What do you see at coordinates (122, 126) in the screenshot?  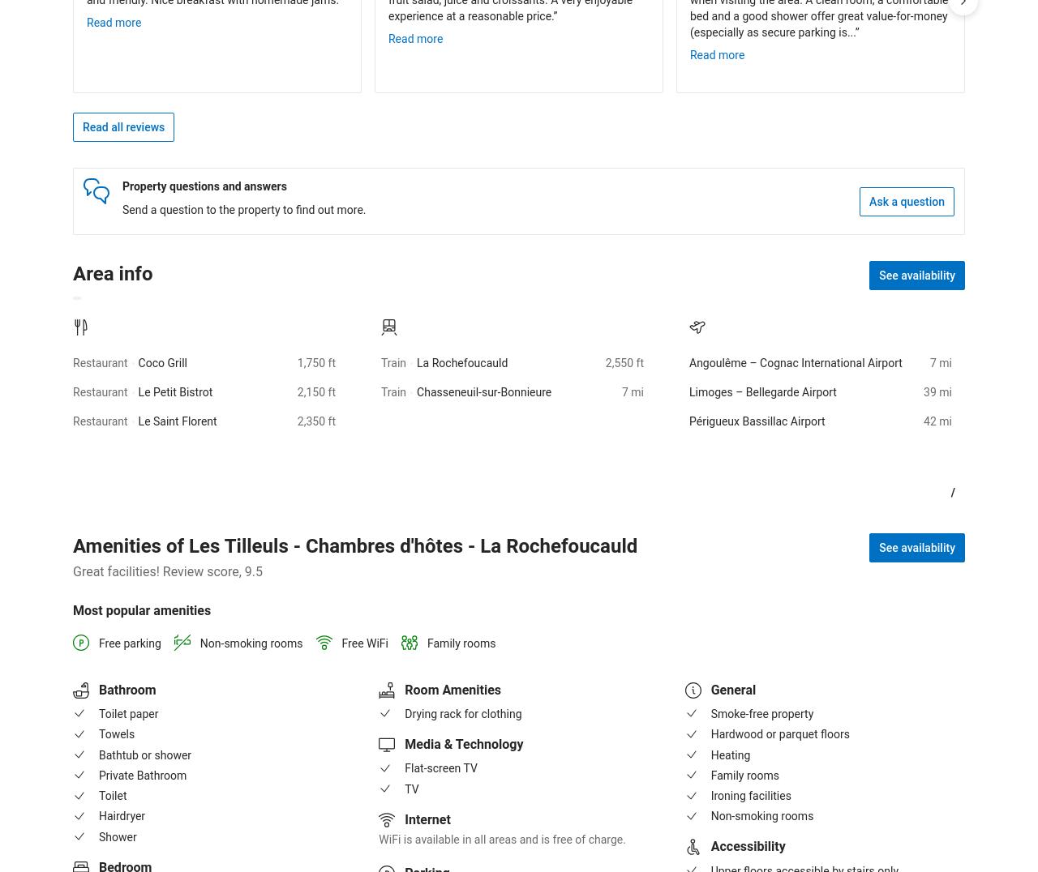 I see `'Read all reviews'` at bounding box center [122, 126].